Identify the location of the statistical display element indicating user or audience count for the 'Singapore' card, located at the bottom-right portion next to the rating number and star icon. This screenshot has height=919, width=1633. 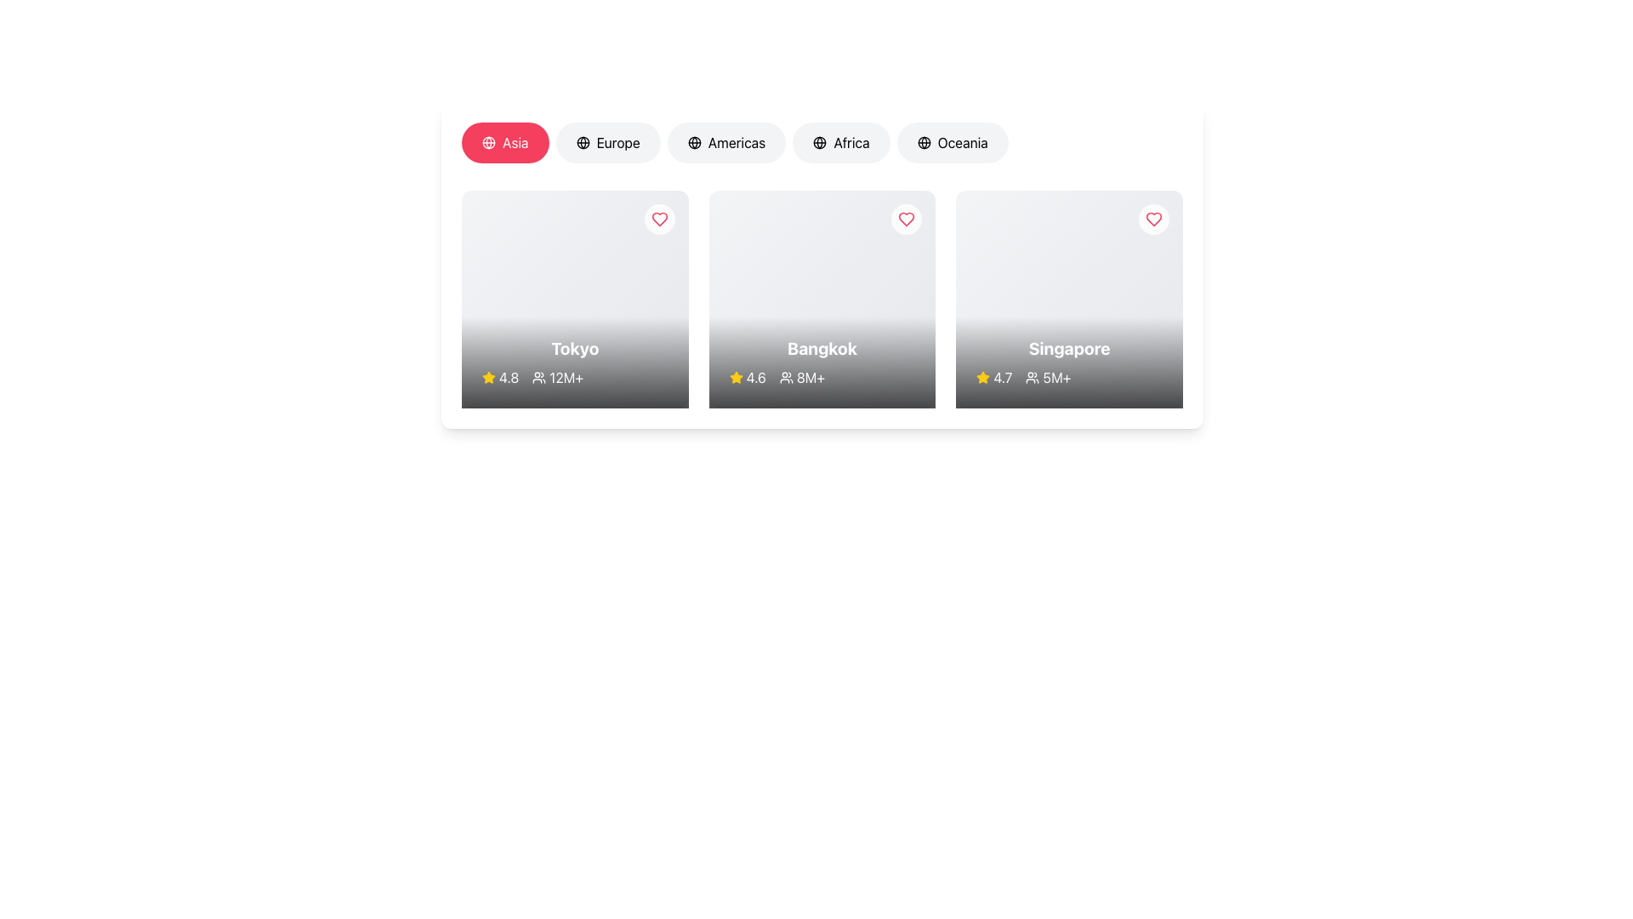
(1068, 376).